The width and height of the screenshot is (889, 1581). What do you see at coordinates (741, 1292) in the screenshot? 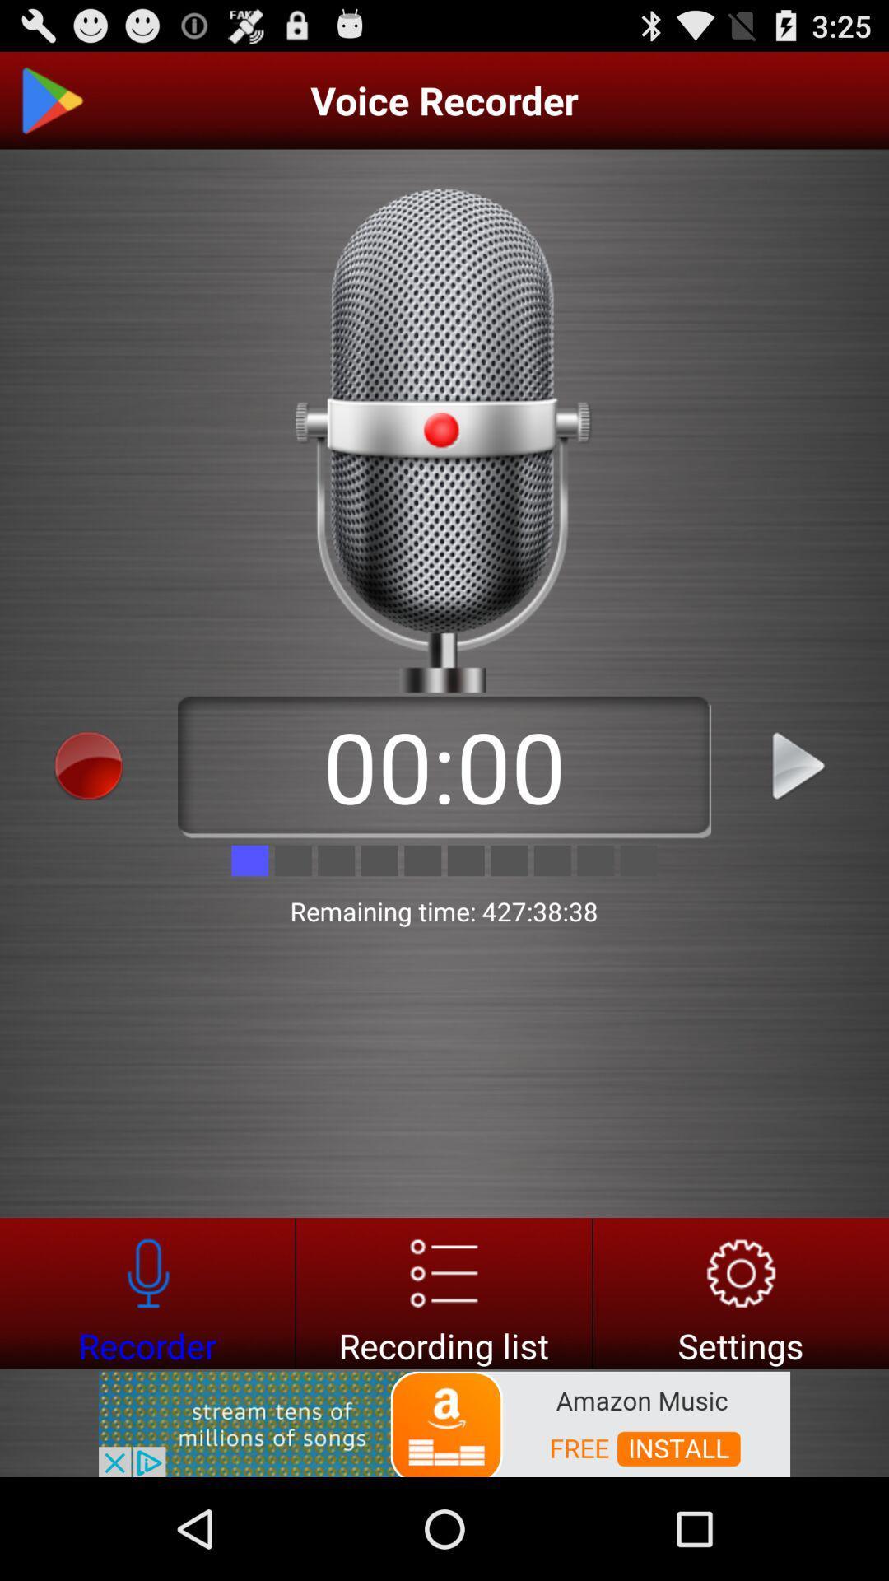
I see `settings button` at bounding box center [741, 1292].